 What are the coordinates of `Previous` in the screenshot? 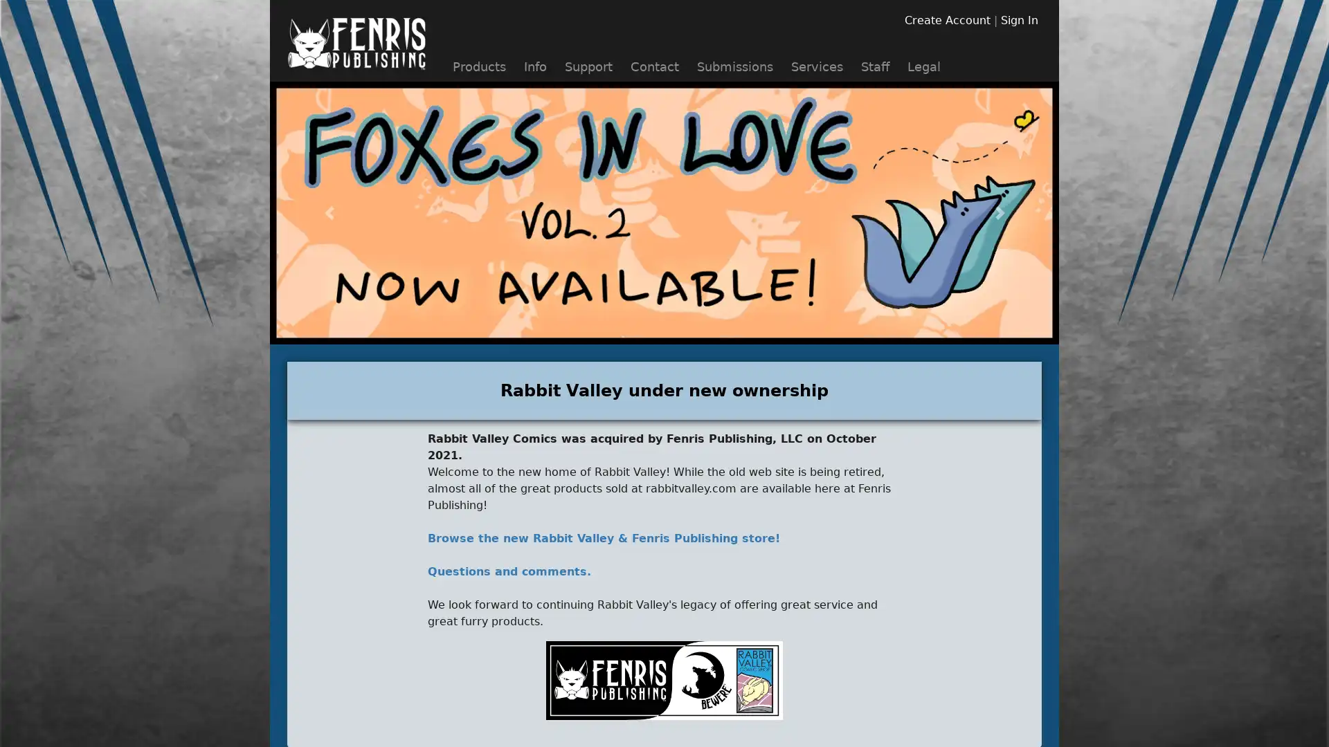 It's located at (328, 213).